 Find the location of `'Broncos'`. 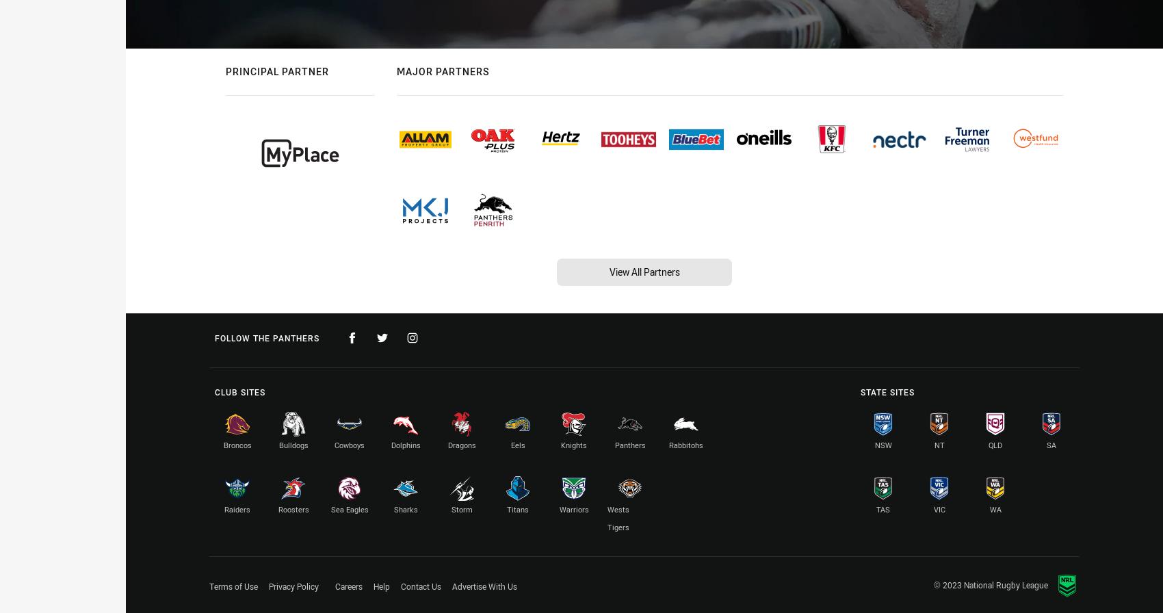

'Broncos' is located at coordinates (236, 445).